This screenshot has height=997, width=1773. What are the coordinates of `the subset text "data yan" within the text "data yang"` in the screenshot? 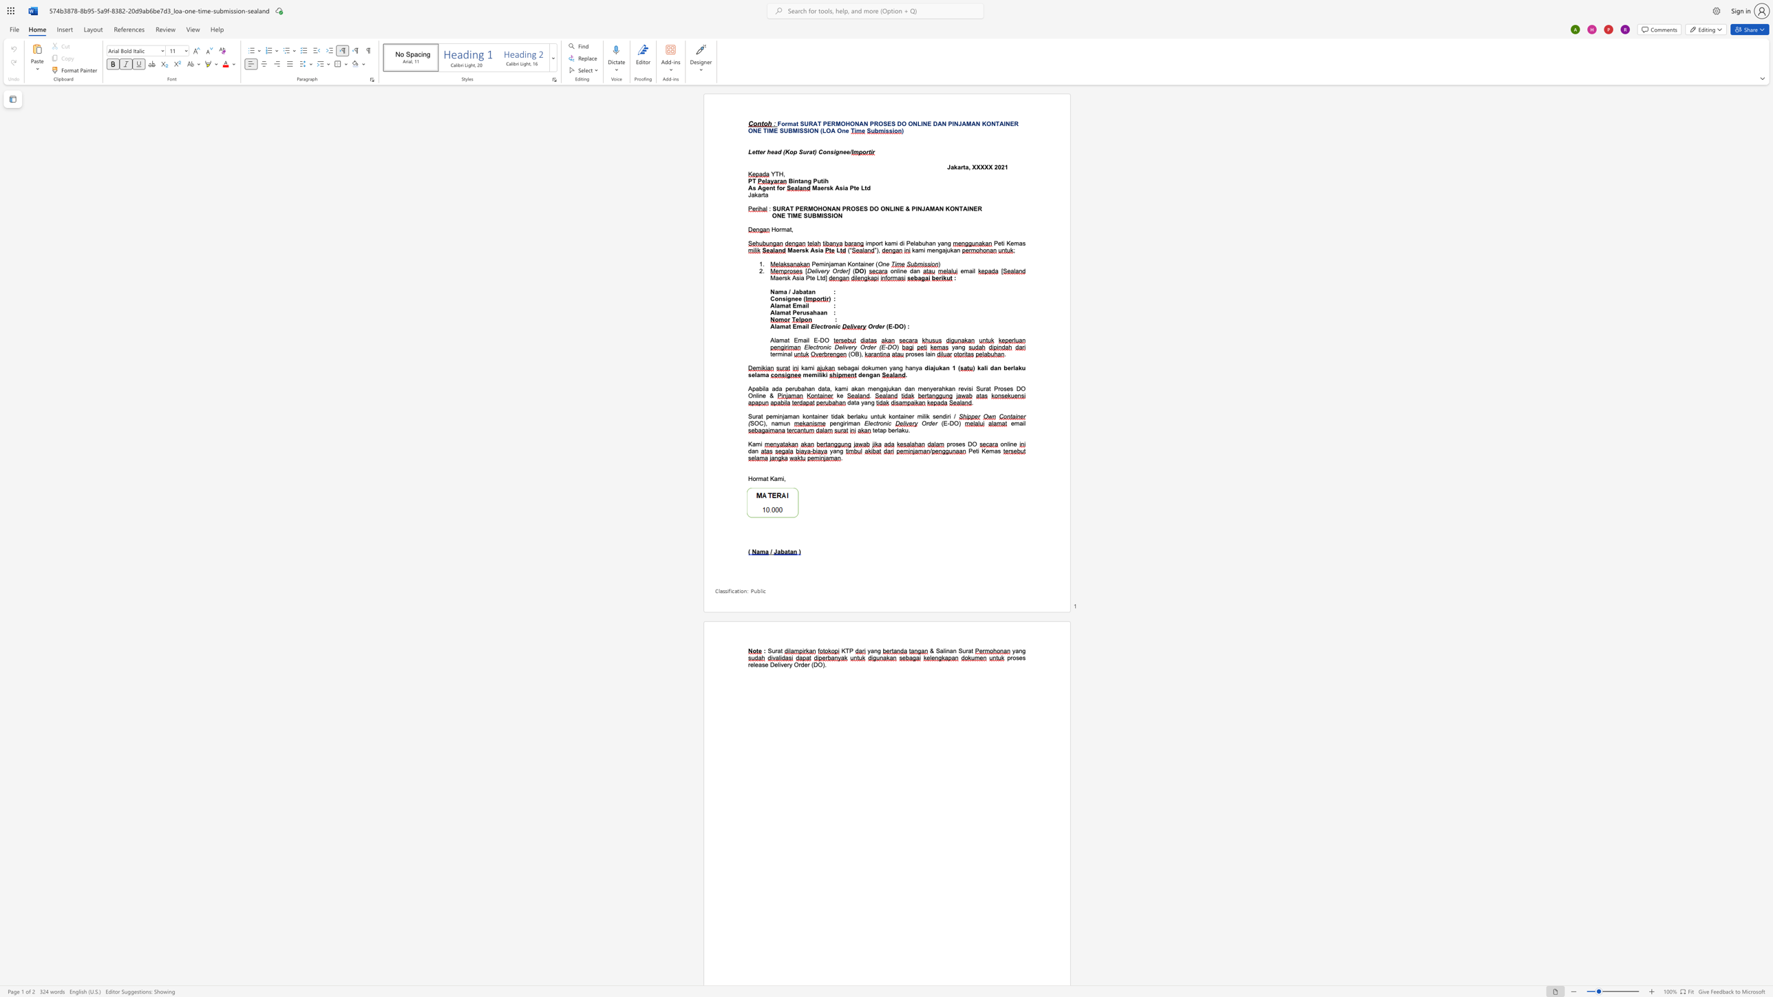 It's located at (847, 402).